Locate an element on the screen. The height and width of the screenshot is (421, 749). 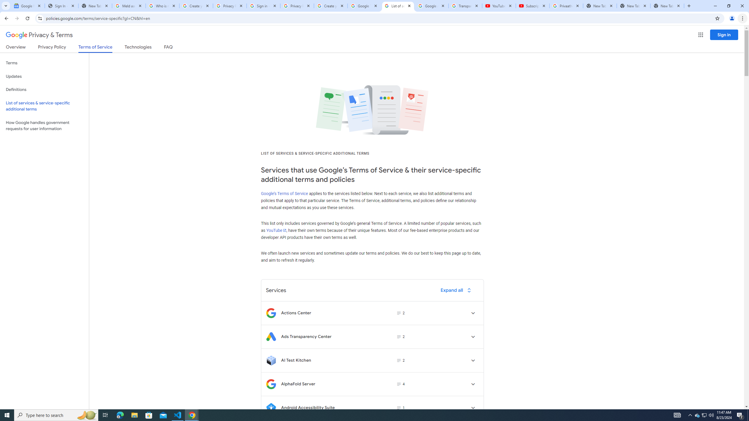
'Create your Google Account' is located at coordinates (331, 6).